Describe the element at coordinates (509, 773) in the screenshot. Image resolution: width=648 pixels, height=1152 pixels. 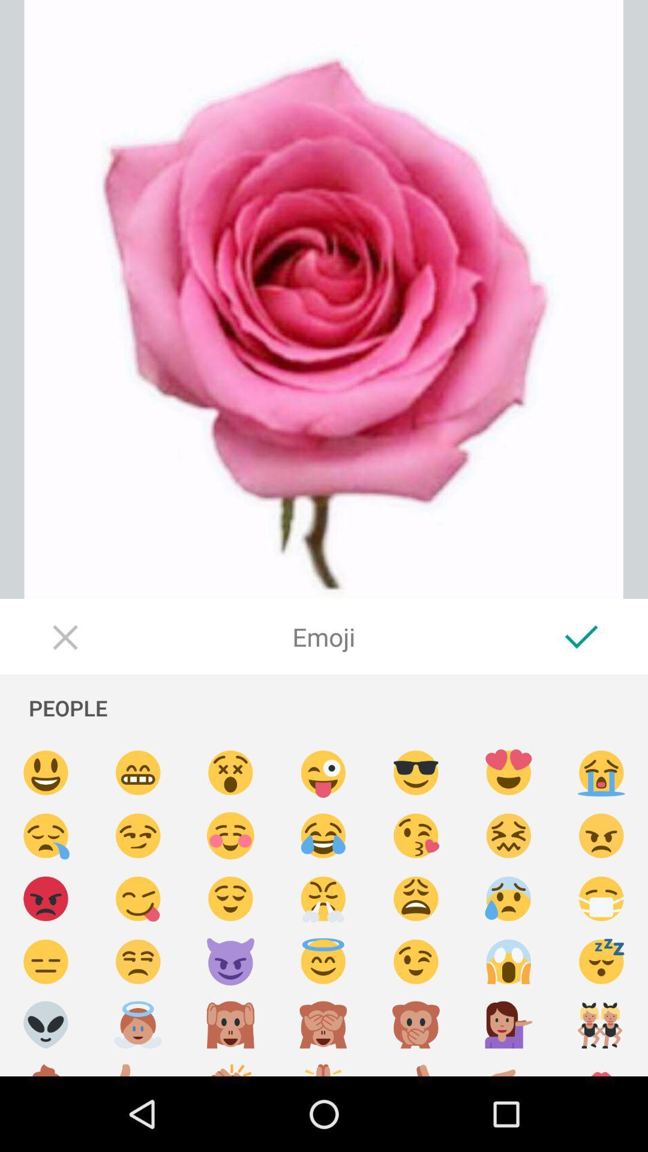
I see `insert emoji` at that location.